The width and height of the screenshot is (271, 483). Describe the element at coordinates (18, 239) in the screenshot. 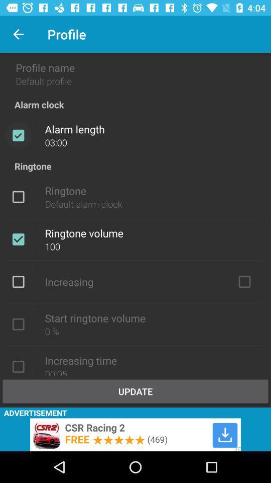

I see `turn ringtone on/off` at that location.